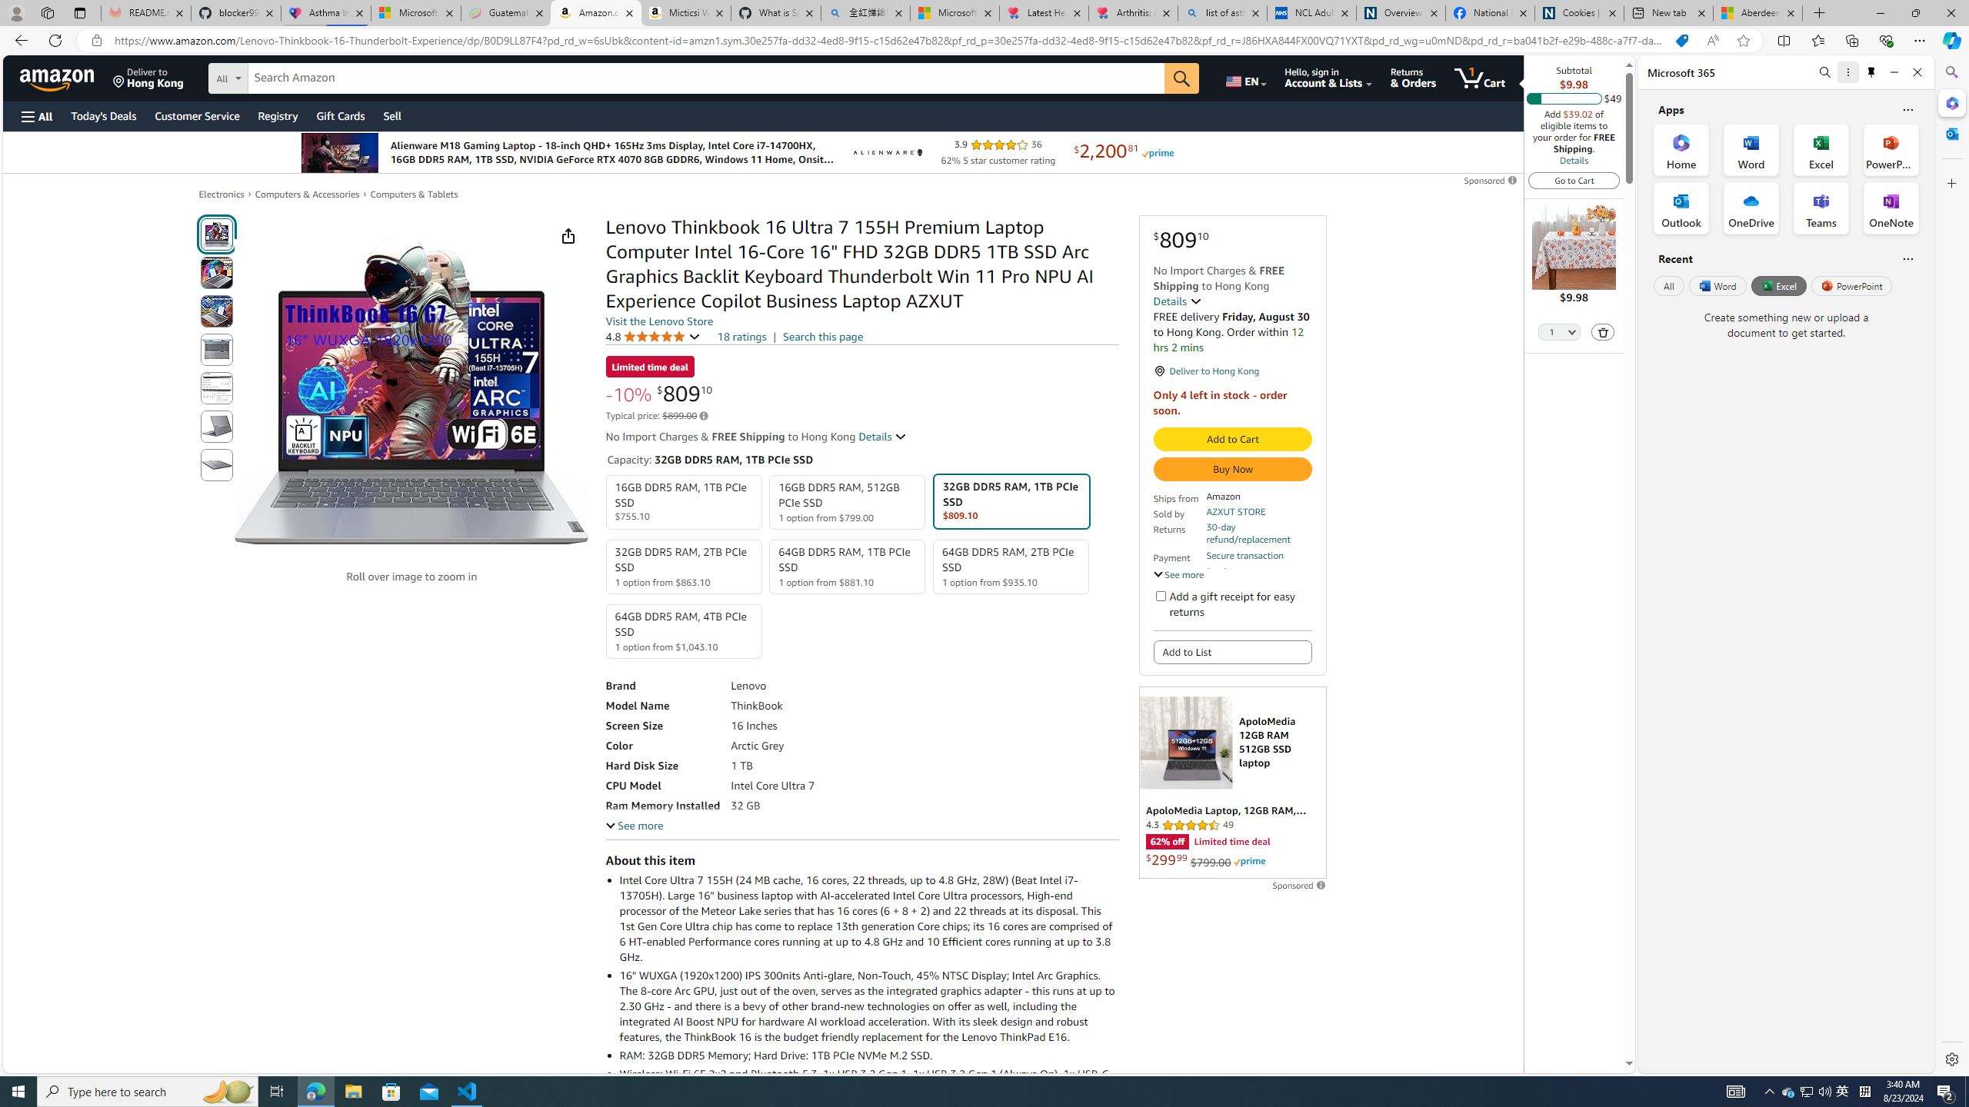 Image resolution: width=1969 pixels, height=1107 pixels. What do you see at coordinates (683, 630) in the screenshot?
I see `'64GB DDR5 RAM, 4TB PCIe SSD 1 option from $1,043.10'` at bounding box center [683, 630].